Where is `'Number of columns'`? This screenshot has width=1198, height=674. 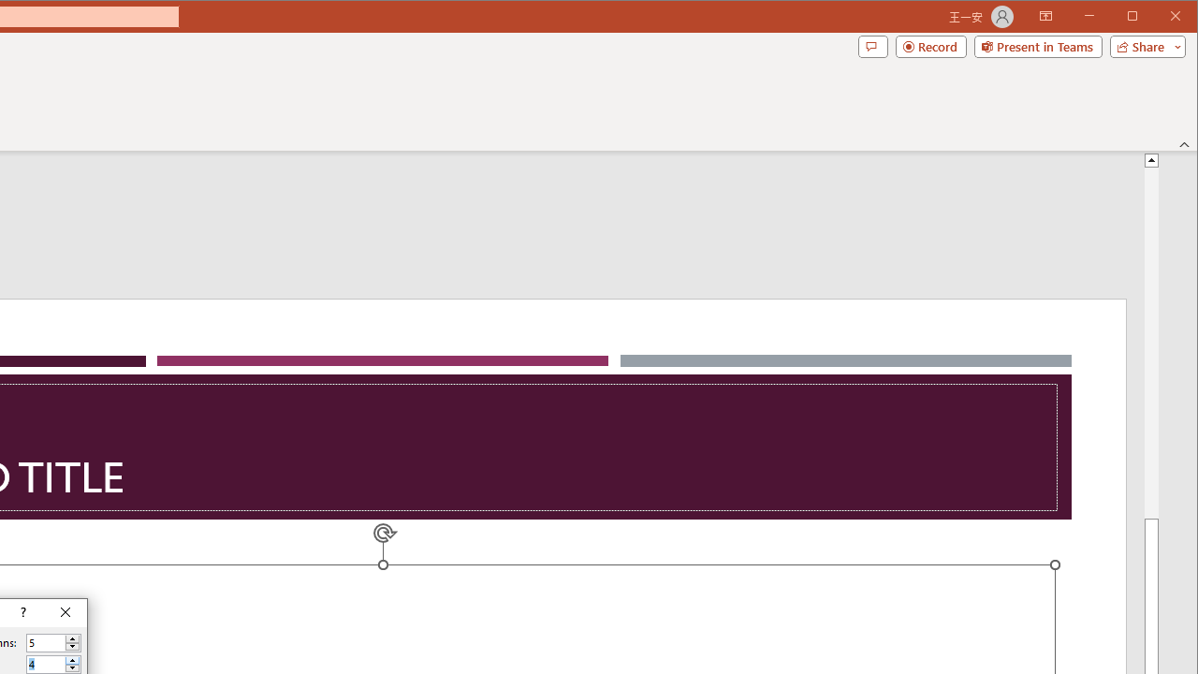 'Number of columns' is located at coordinates (46, 642).